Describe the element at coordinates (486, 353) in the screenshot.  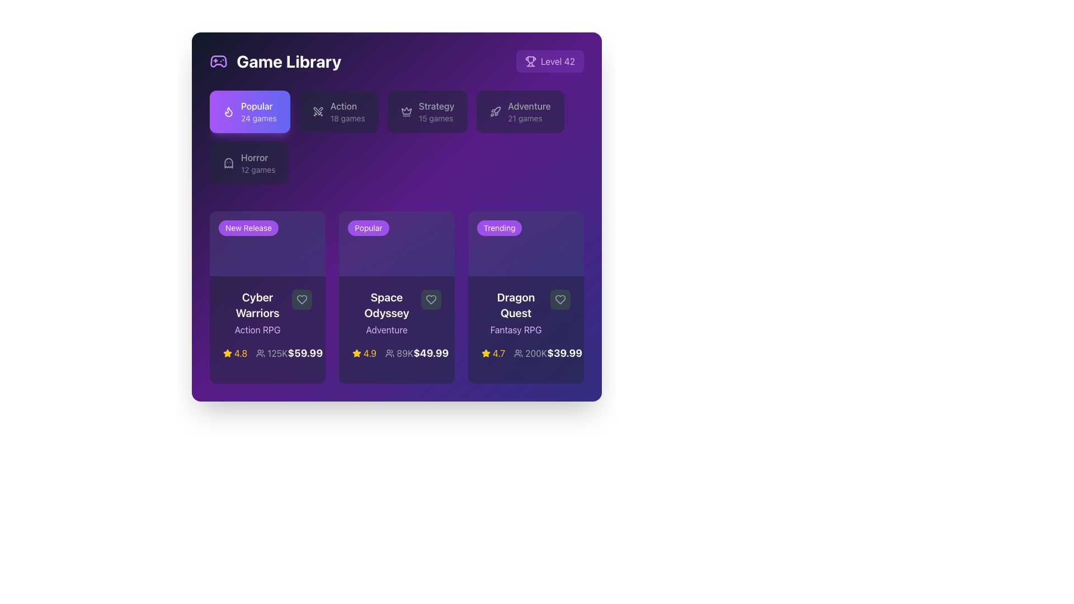
I see `the star icon representing the rating of the 'Dragon Quest' game, located to the left of the rating text '4.7'` at that location.